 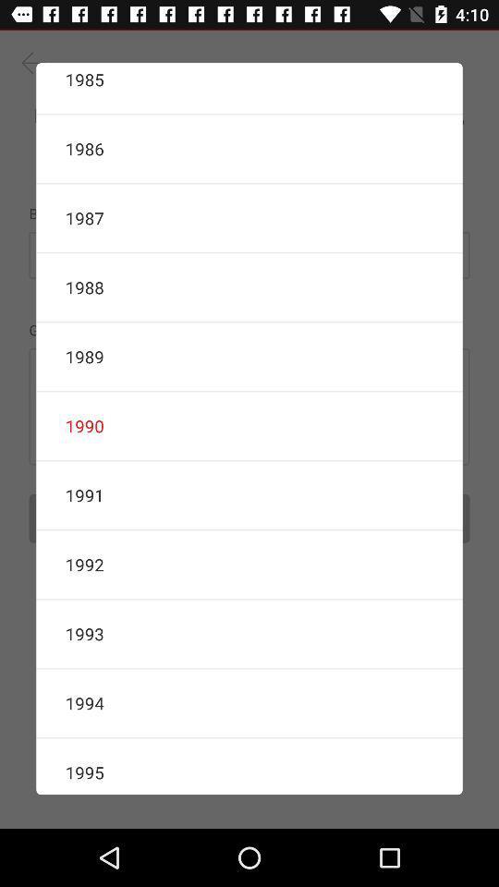 I want to click on the 1989 icon, so click(x=249, y=356).